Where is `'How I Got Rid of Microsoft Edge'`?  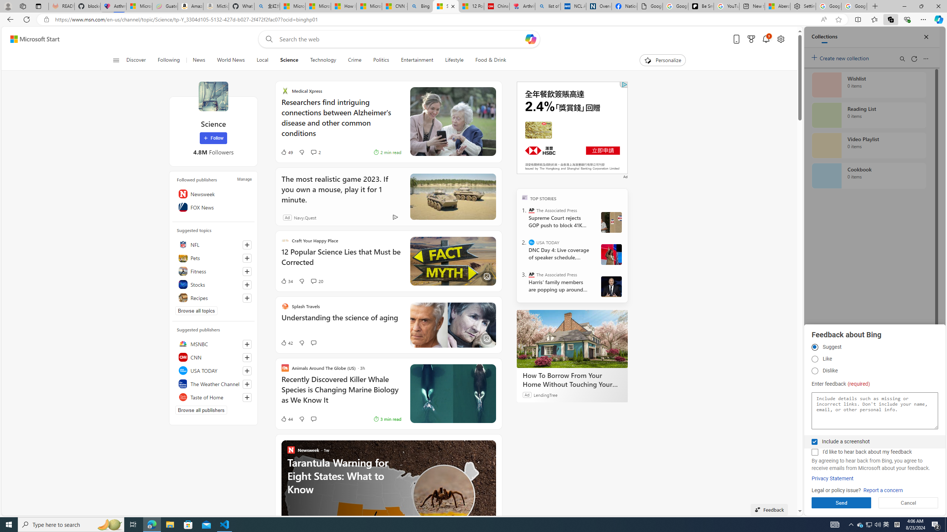
'How I Got Rid of Microsoft Edge' is located at coordinates (344, 6).